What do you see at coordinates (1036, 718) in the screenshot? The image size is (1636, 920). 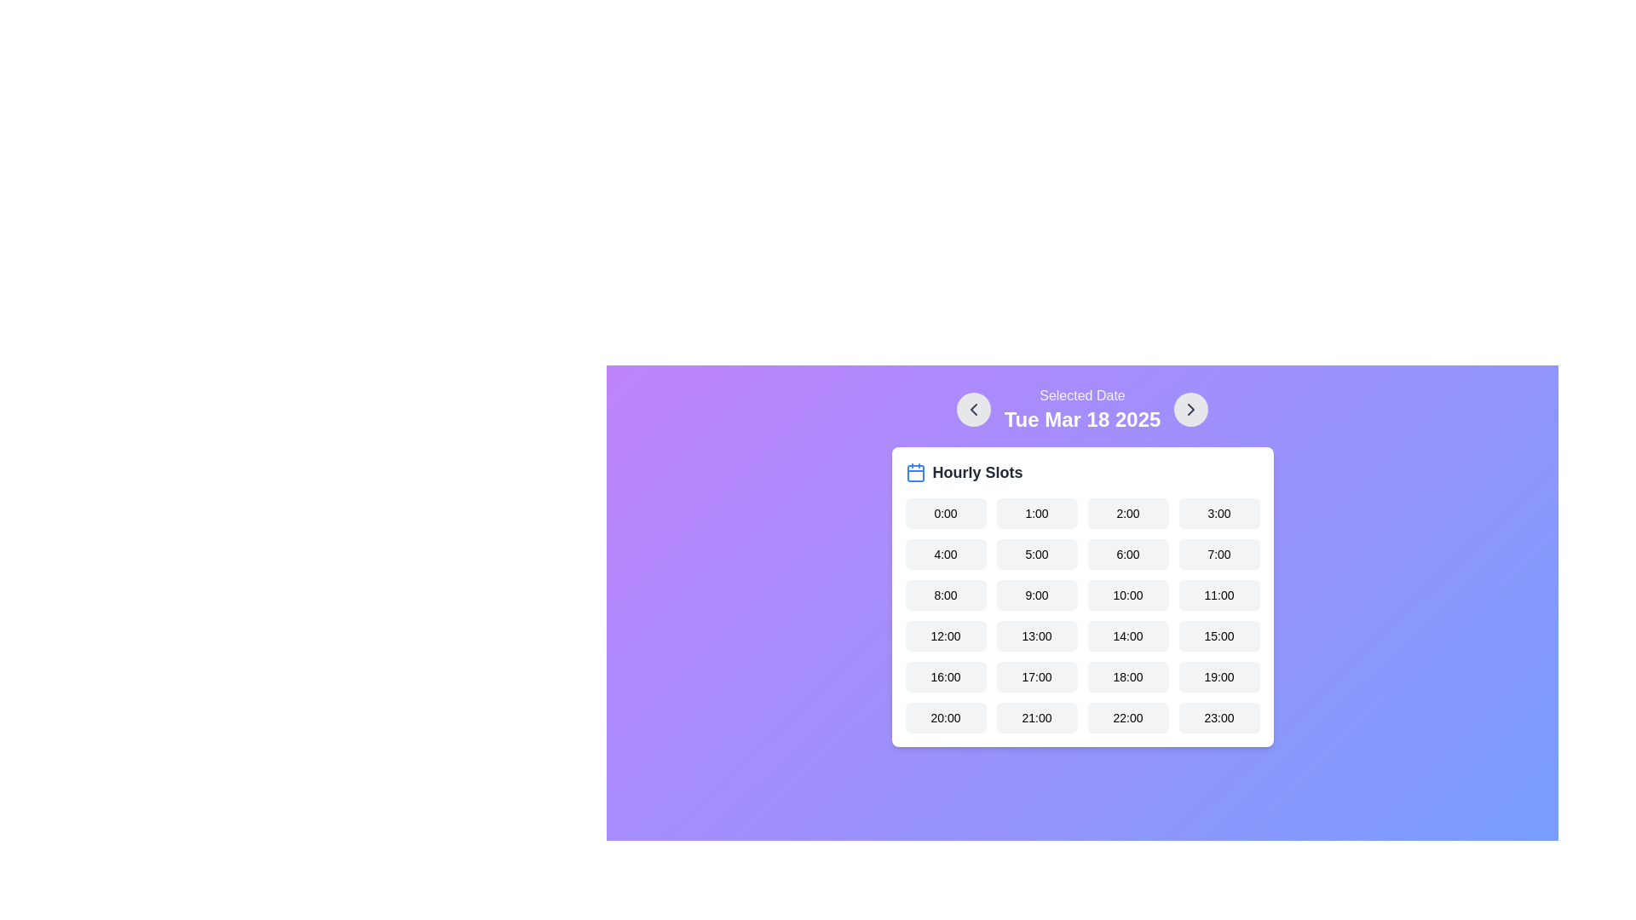 I see `the button displaying '21:00' in the second column of the sixth row within the 'Hourly Slots' grid` at bounding box center [1036, 718].